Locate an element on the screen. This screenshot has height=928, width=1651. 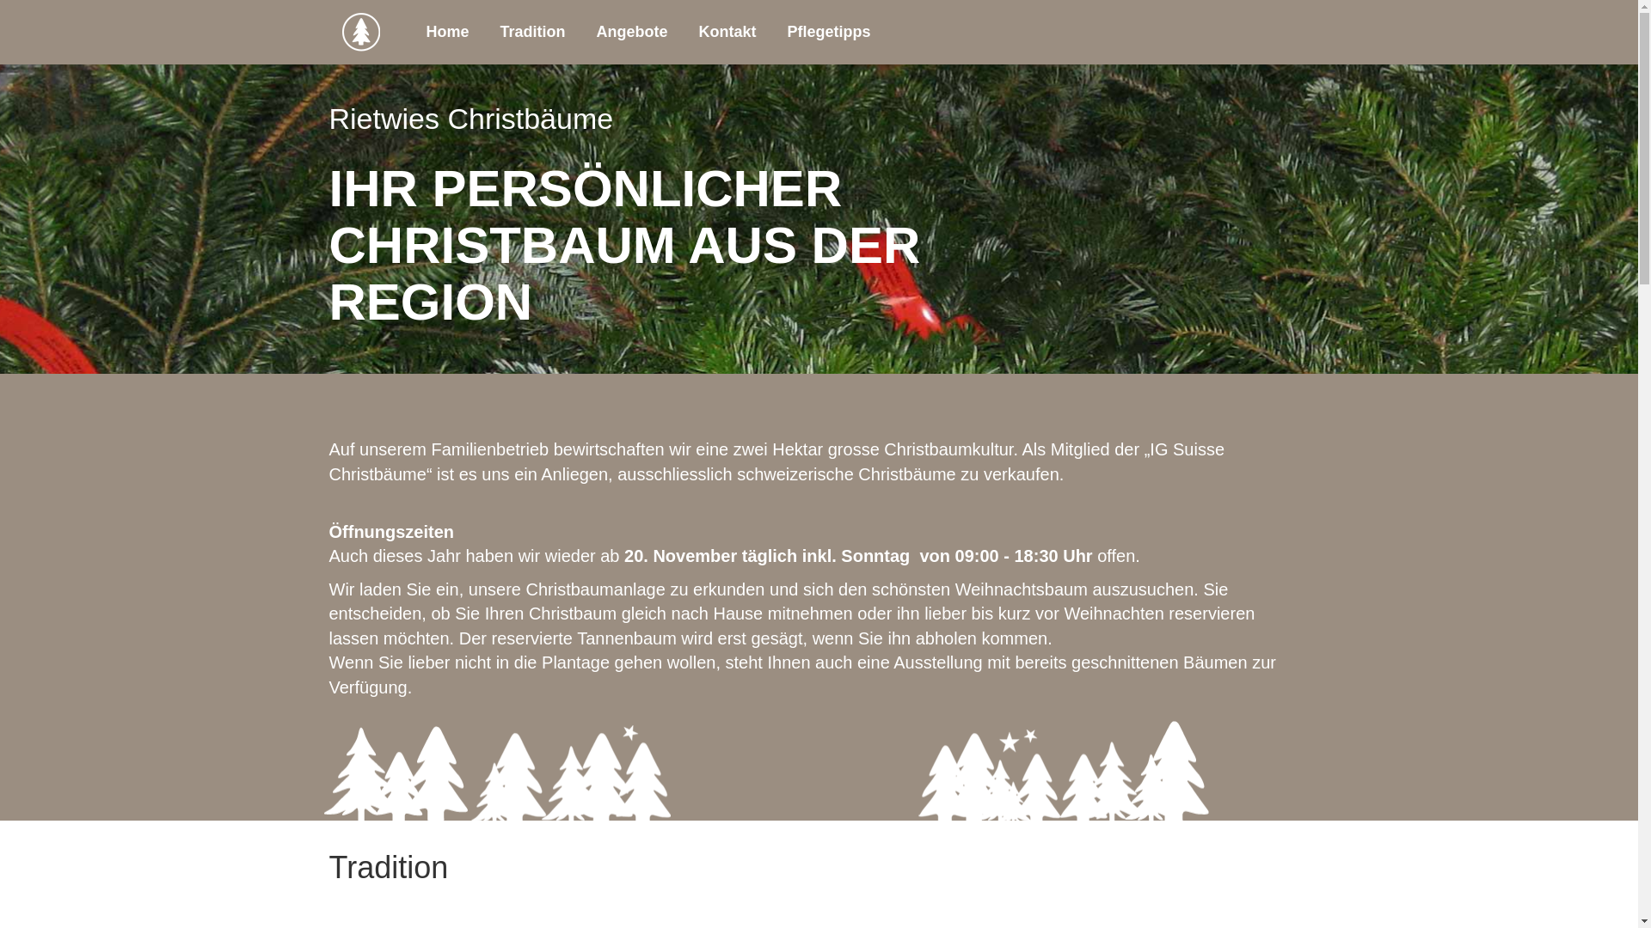
'Home' is located at coordinates (448, 32).